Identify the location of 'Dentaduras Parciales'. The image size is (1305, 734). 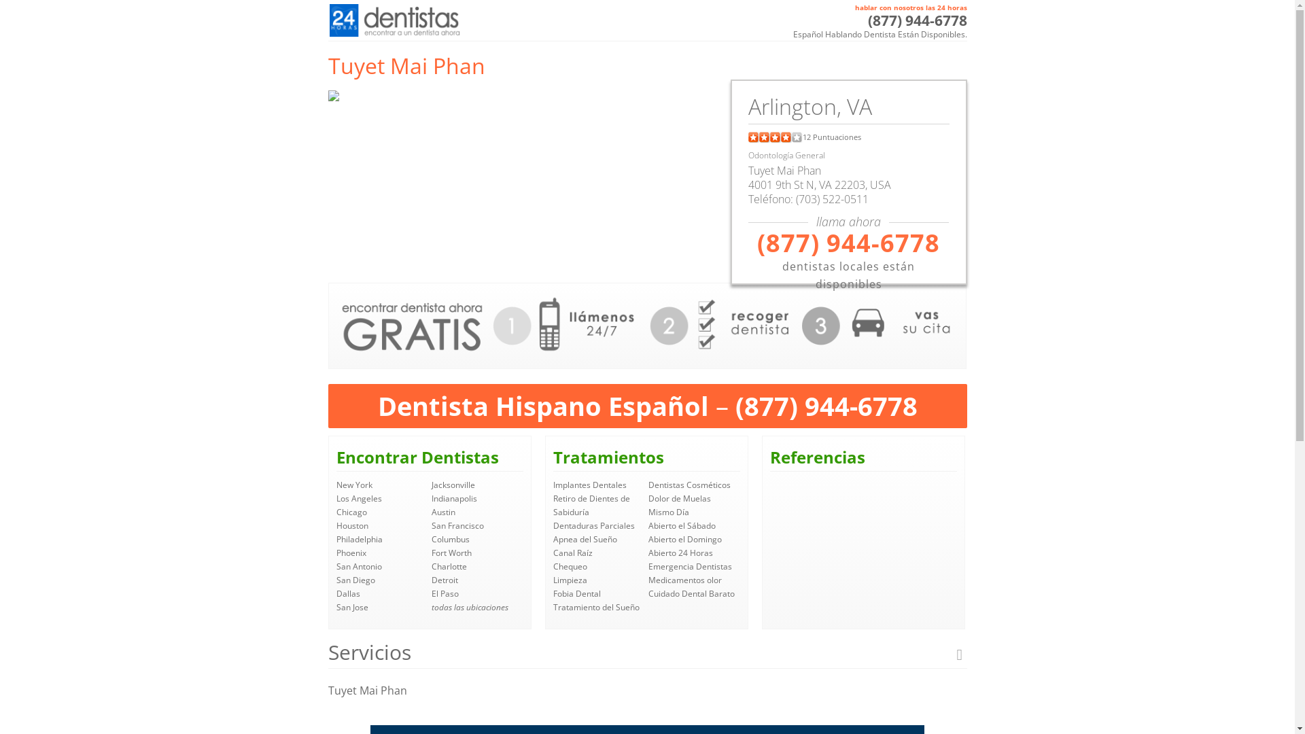
(593, 525).